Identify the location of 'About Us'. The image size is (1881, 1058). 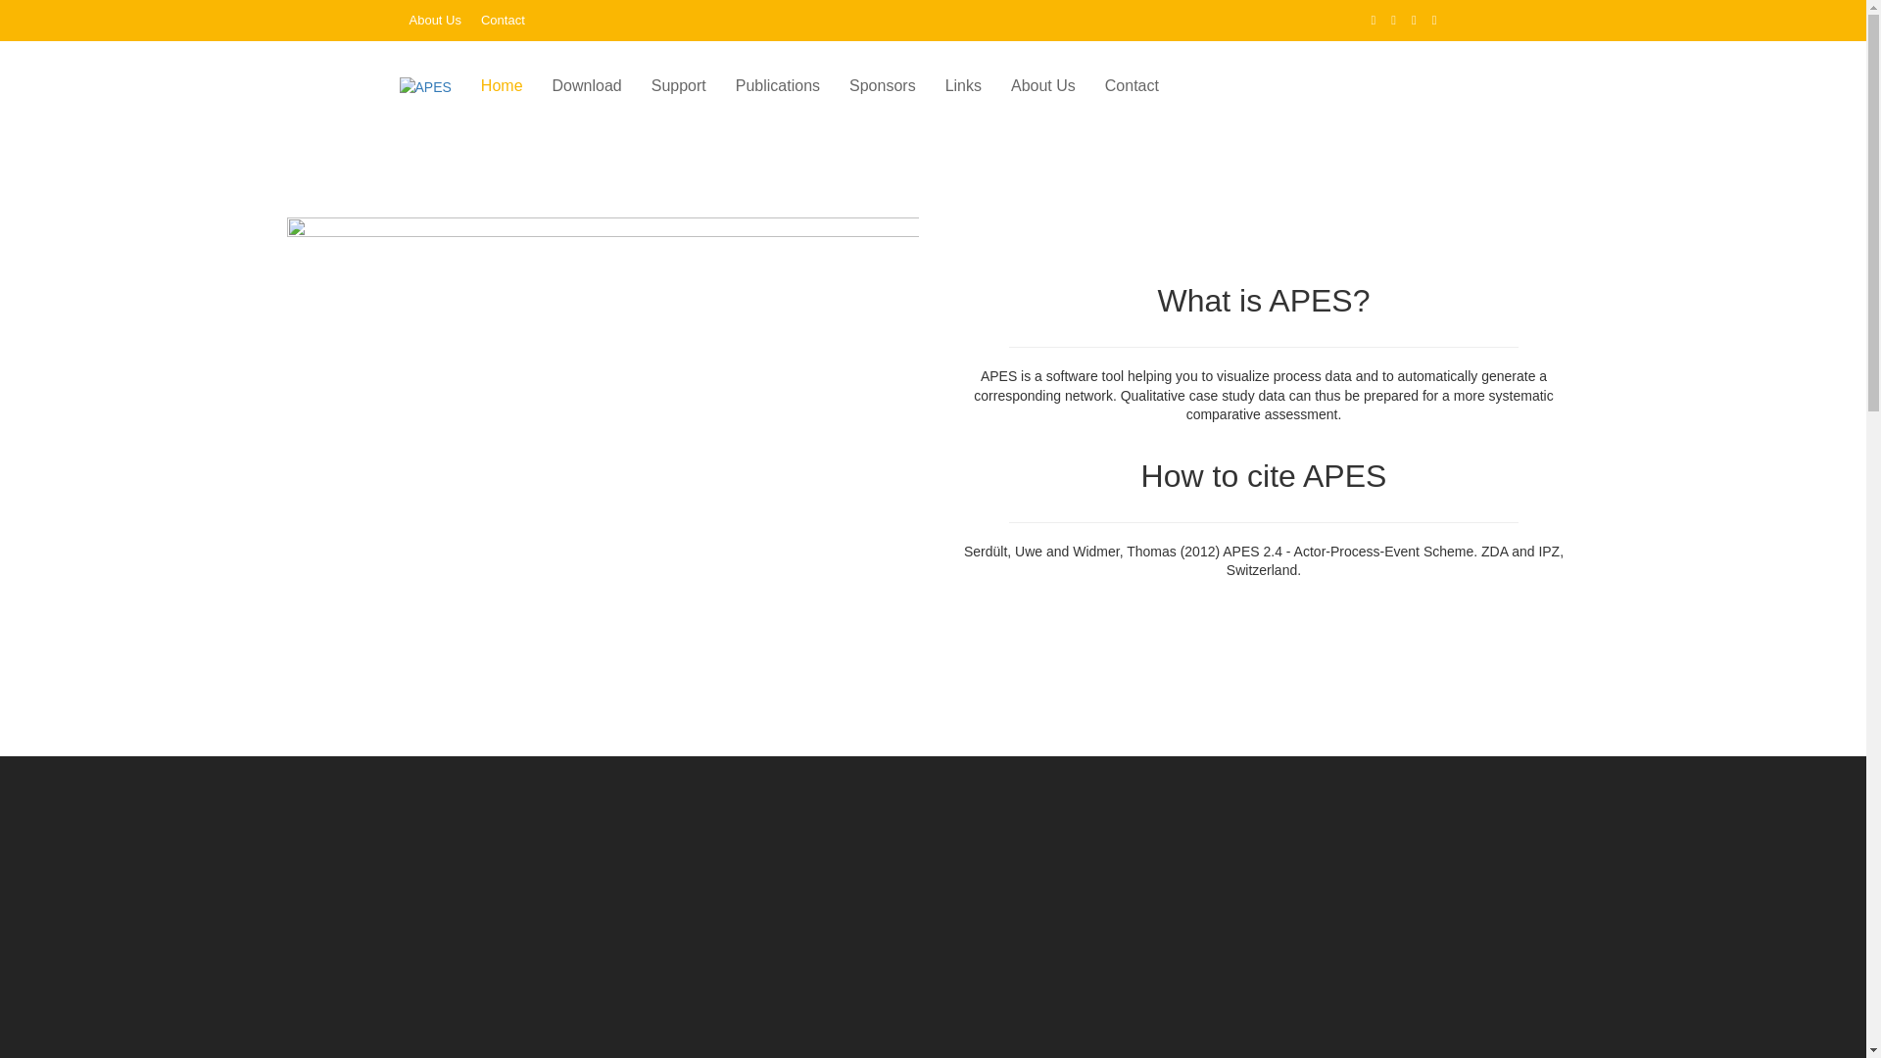
(1042, 85).